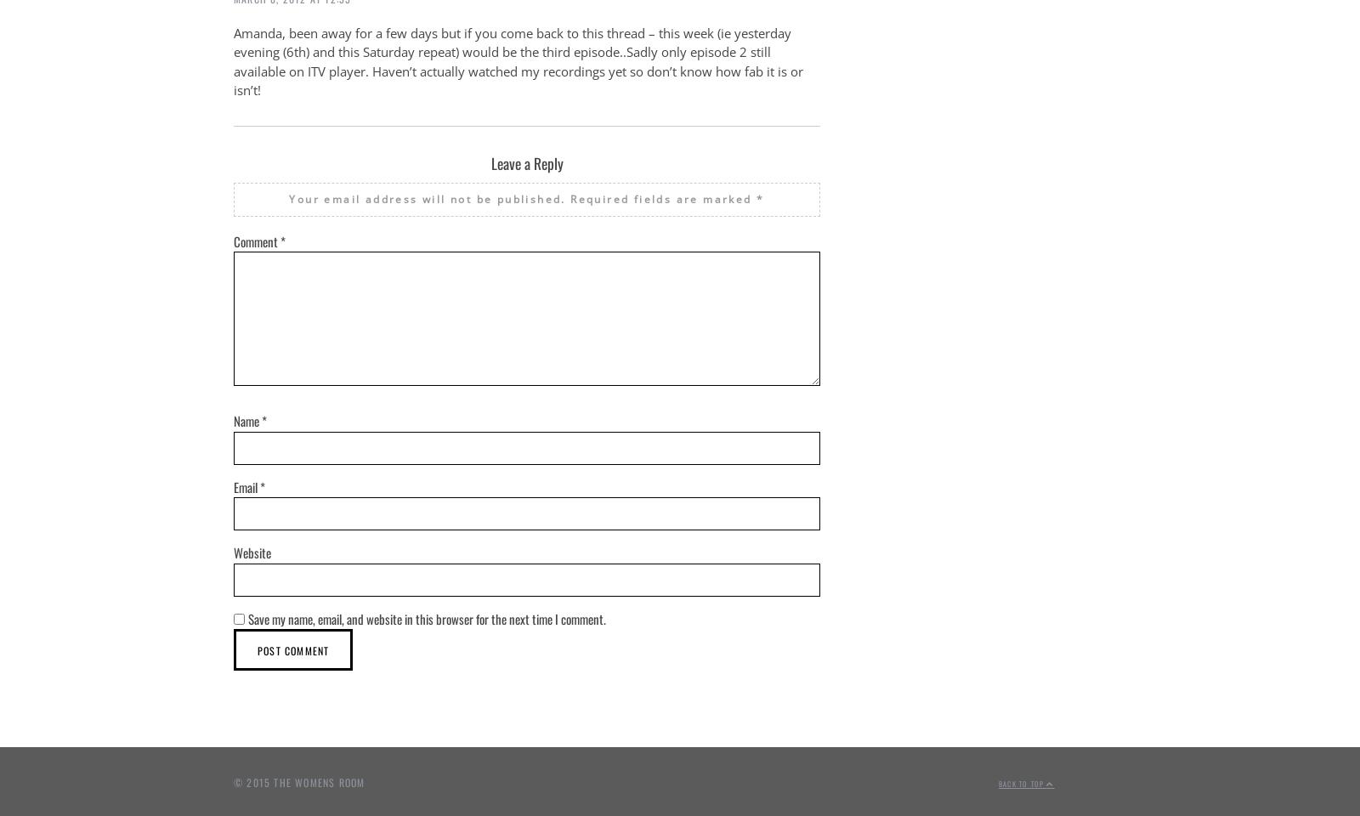 Image resolution: width=1360 pixels, height=816 pixels. I want to click on 'Your email address will not be published.', so click(426, 198).